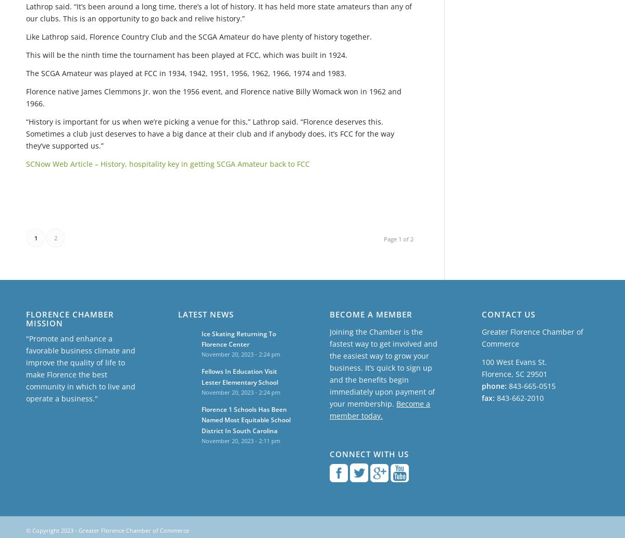 The width and height of the screenshot is (625, 538). I want to click on '2', so click(55, 237).